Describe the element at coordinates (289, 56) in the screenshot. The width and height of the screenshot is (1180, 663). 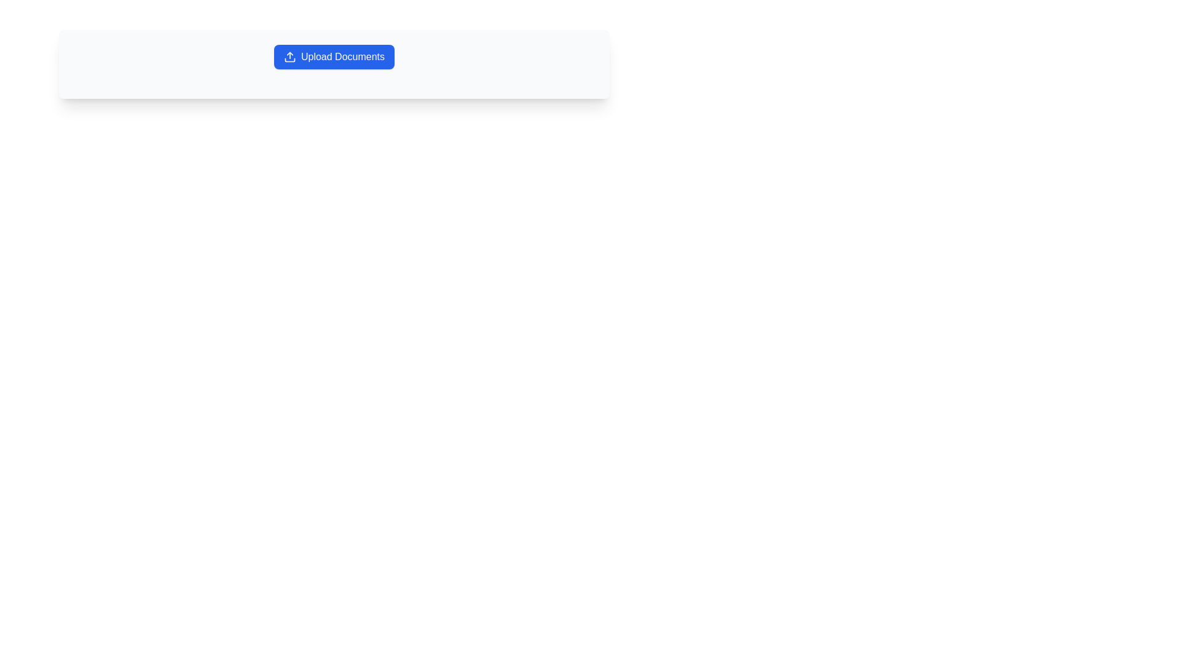
I see `the upload icon located to the left of the 'Upload Documents' text within the blue button` at that location.